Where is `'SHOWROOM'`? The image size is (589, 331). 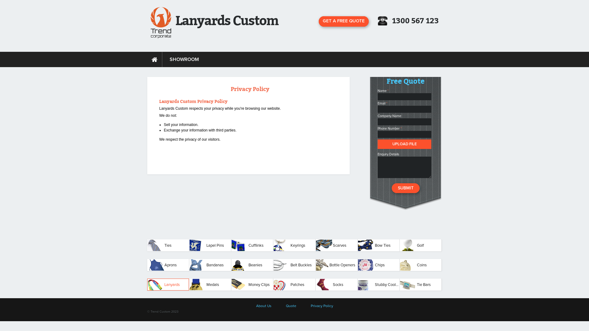 'SHOWROOM' is located at coordinates (184, 59).